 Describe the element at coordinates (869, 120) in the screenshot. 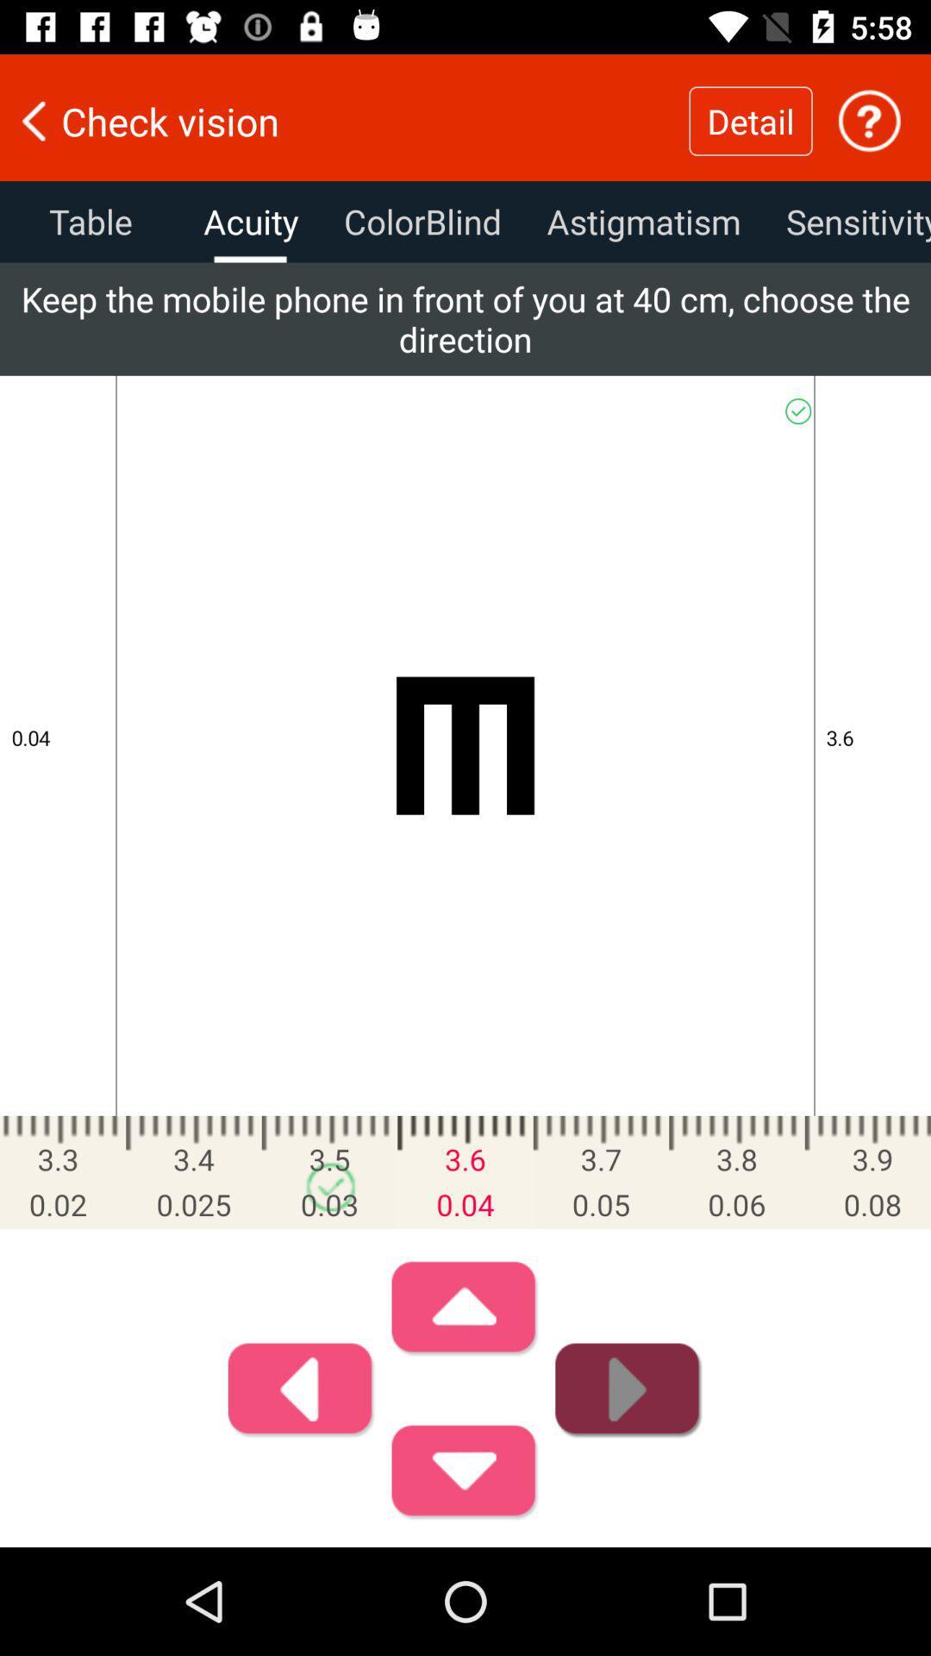

I see `open help` at that location.